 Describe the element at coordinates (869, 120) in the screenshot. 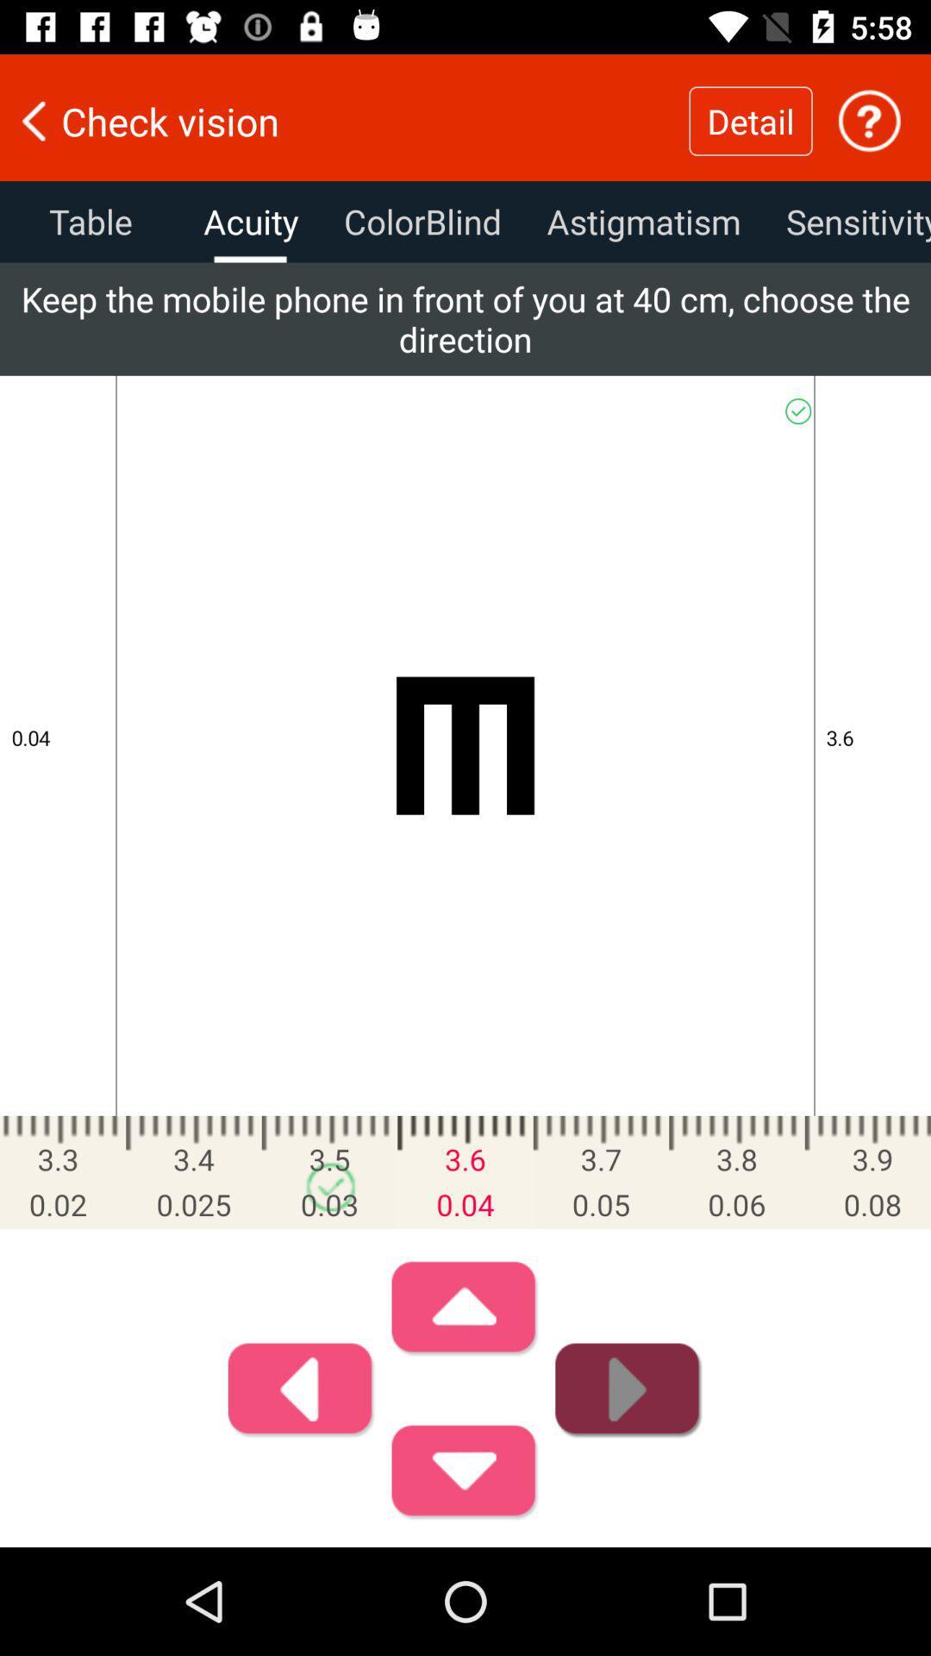

I see `open help` at that location.